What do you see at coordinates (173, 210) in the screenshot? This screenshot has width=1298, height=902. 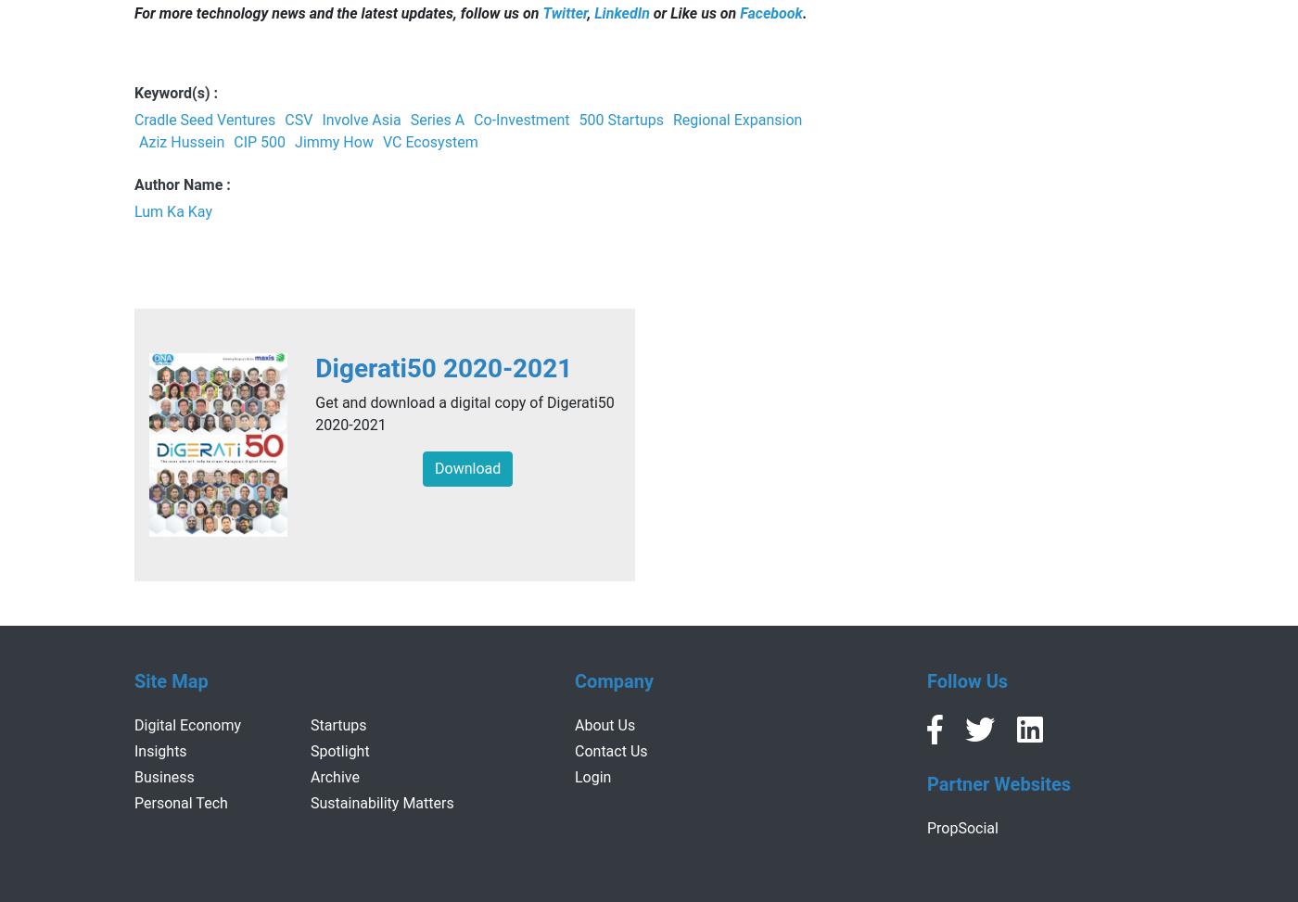 I see `'Lum Ka Kay'` at bounding box center [173, 210].